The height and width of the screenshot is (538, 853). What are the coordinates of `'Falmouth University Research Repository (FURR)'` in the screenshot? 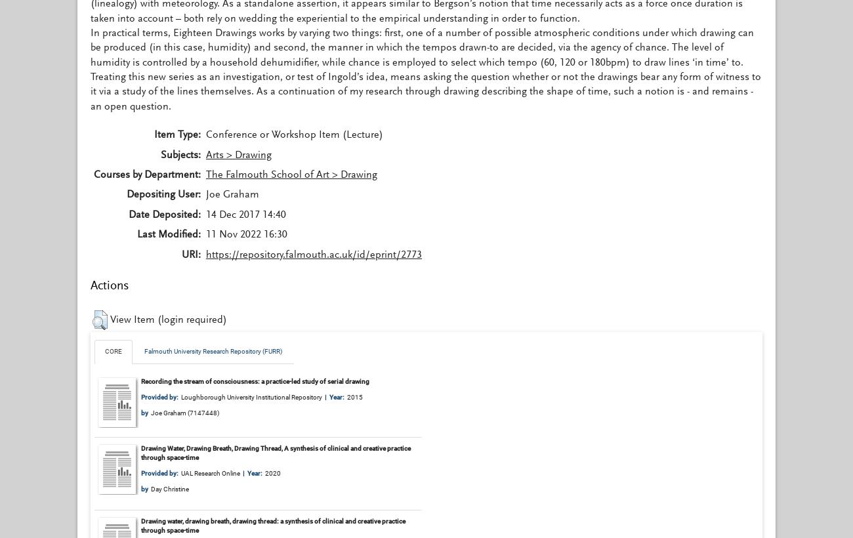 It's located at (213, 350).